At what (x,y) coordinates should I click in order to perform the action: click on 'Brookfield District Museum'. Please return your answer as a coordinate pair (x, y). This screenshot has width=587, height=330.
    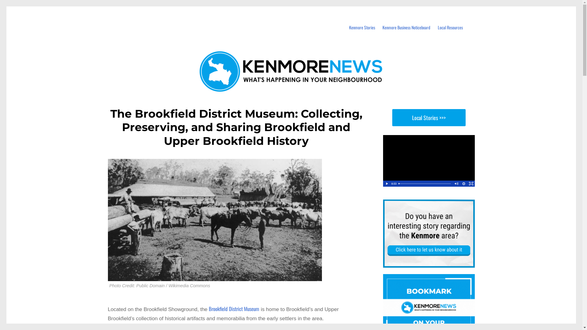
    Looking at the image, I should click on (209, 309).